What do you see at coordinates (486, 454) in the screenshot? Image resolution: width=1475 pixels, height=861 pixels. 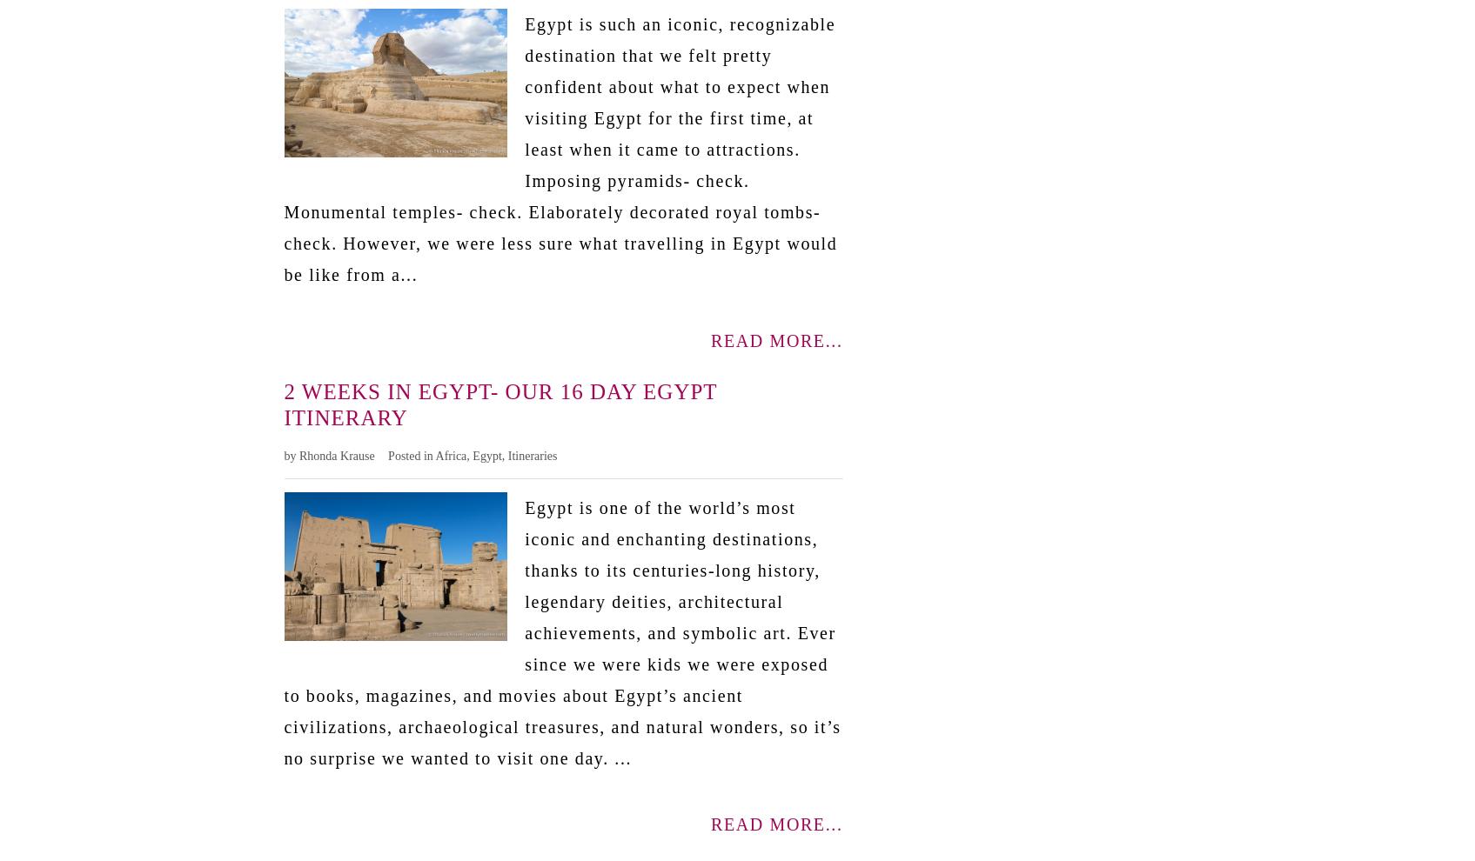 I see `'Egypt'` at bounding box center [486, 454].